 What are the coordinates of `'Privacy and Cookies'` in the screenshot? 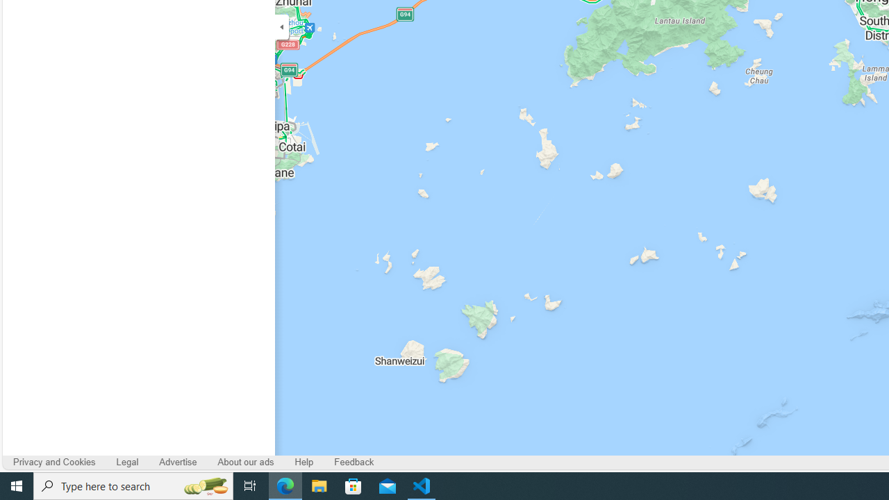 It's located at (54, 462).